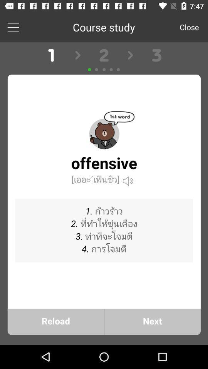  What do you see at coordinates (104, 193) in the screenshot?
I see `next slide` at bounding box center [104, 193].